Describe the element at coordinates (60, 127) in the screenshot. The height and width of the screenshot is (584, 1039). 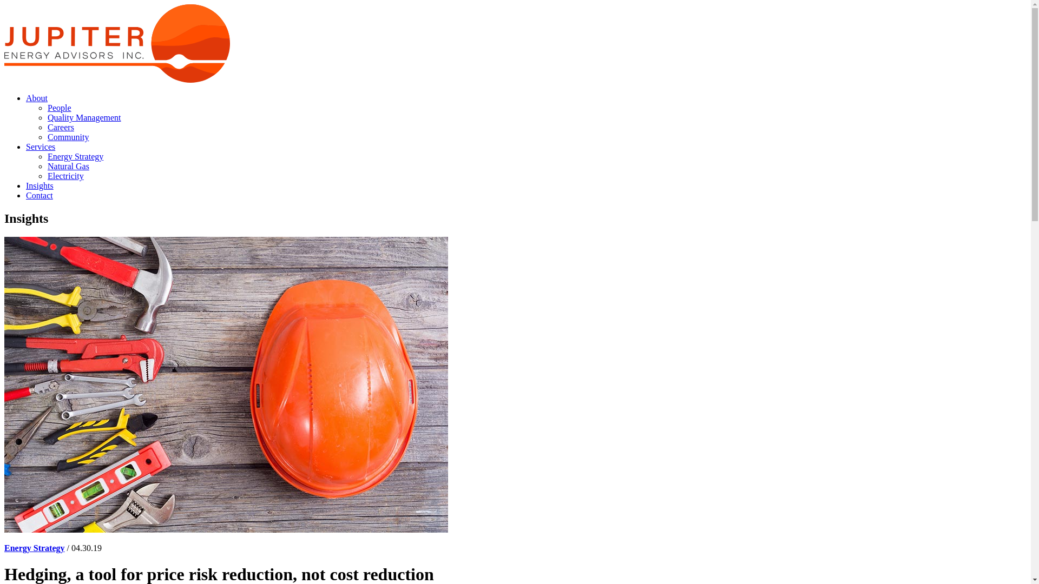
I see `'Careers'` at that location.